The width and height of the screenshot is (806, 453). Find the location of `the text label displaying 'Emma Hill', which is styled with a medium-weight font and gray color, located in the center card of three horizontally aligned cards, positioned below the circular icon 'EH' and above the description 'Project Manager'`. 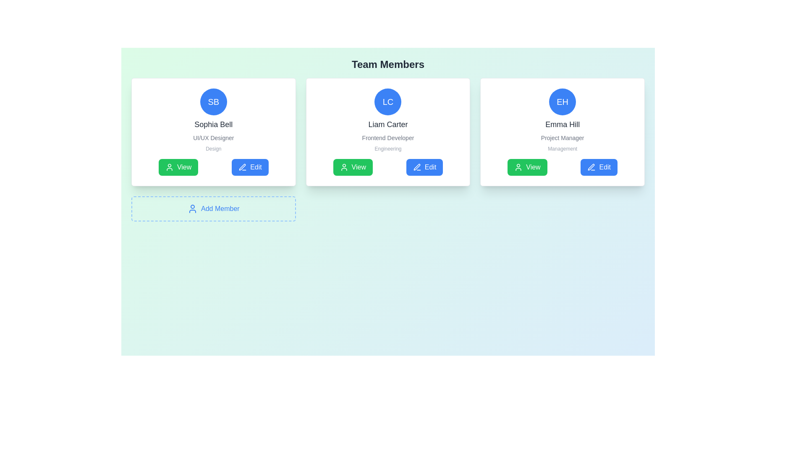

the text label displaying 'Emma Hill', which is styled with a medium-weight font and gray color, located in the center card of three horizontally aligned cards, positioned below the circular icon 'EH' and above the description 'Project Manager' is located at coordinates (563, 125).